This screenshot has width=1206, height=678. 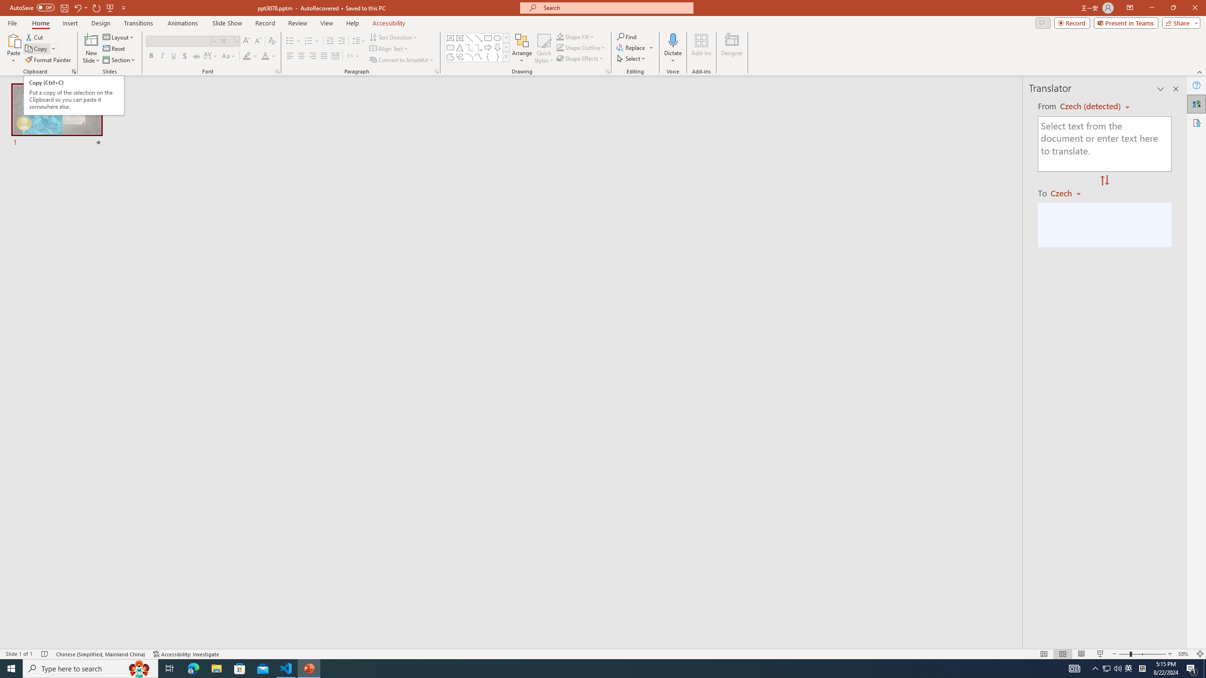 What do you see at coordinates (1142, 654) in the screenshot?
I see `'Zoom'` at bounding box center [1142, 654].